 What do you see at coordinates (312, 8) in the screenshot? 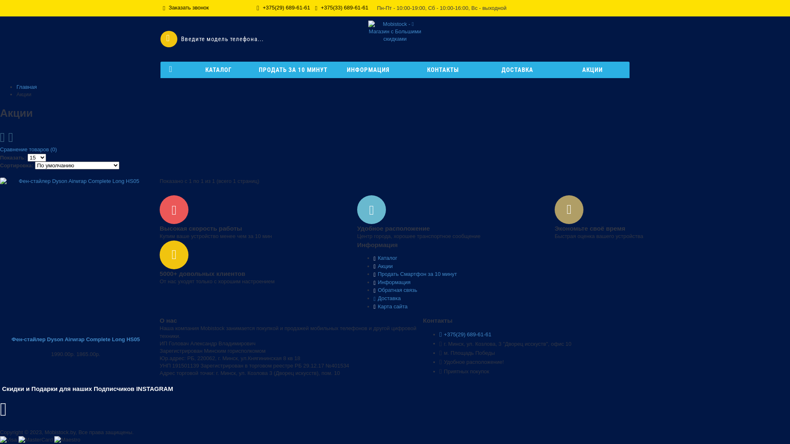
I see `'+375(33) 689-61-61'` at bounding box center [312, 8].